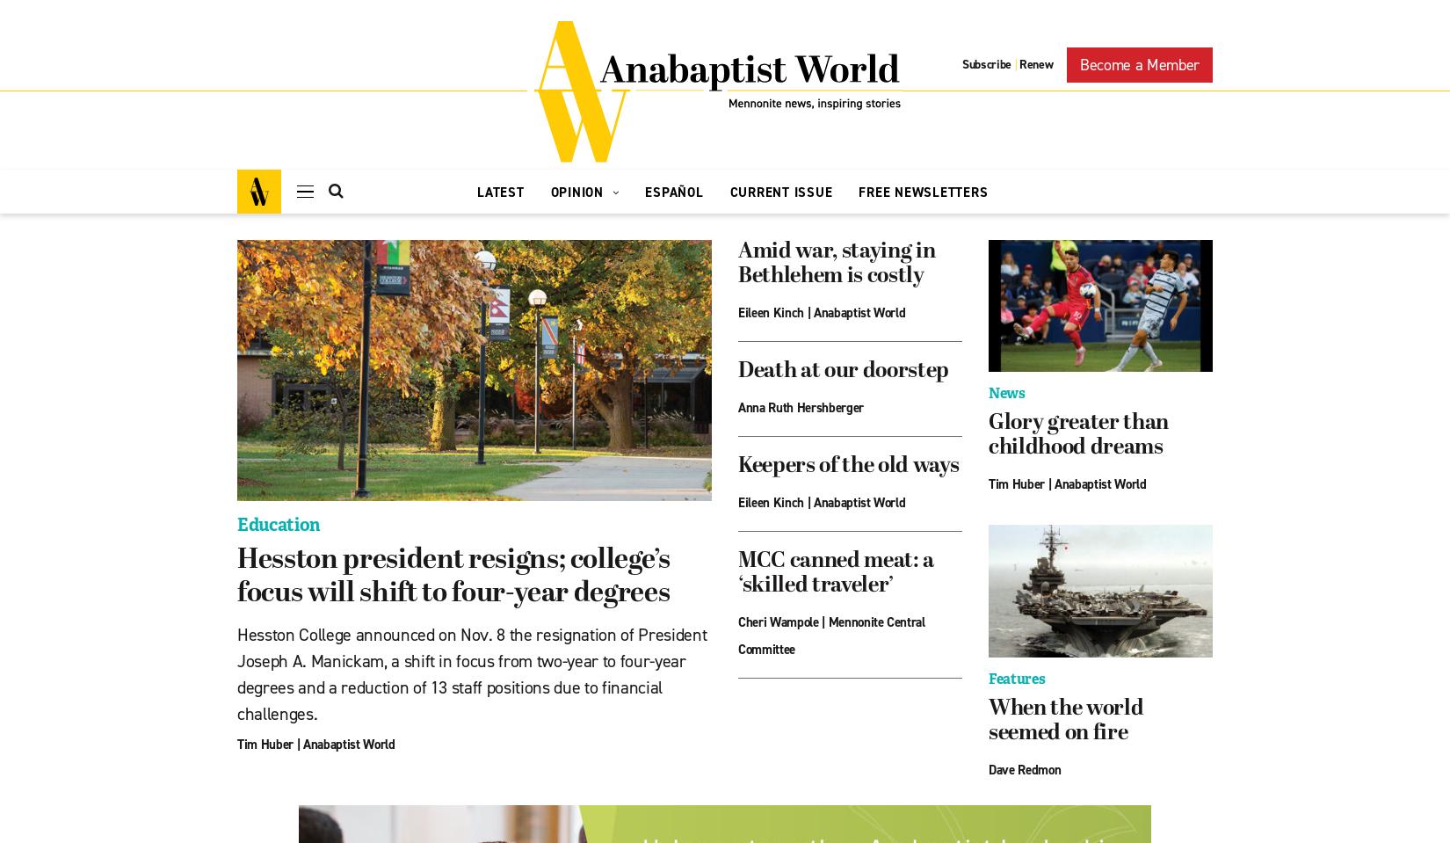 This screenshot has height=843, width=1450. What do you see at coordinates (1016, 678) in the screenshot?
I see `'Features'` at bounding box center [1016, 678].